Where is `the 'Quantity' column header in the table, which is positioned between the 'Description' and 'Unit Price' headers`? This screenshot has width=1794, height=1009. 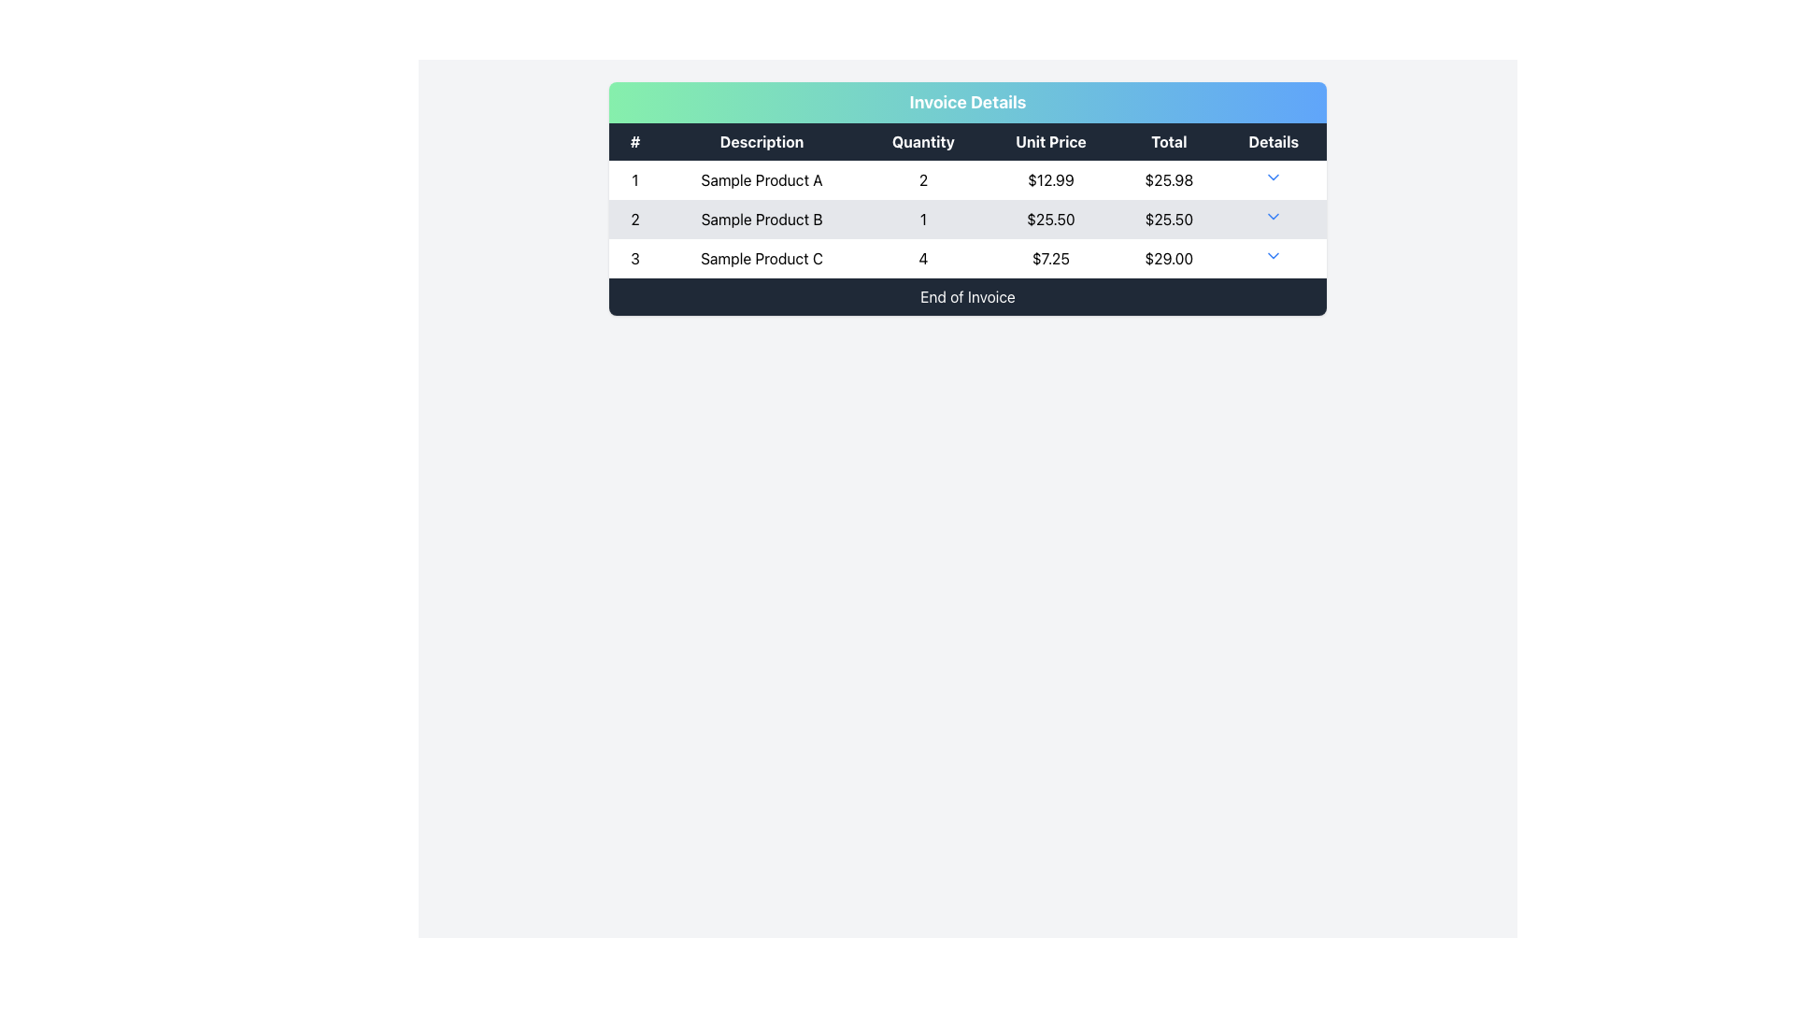 the 'Quantity' column header in the table, which is positioned between the 'Description' and 'Unit Price' headers is located at coordinates (923, 140).